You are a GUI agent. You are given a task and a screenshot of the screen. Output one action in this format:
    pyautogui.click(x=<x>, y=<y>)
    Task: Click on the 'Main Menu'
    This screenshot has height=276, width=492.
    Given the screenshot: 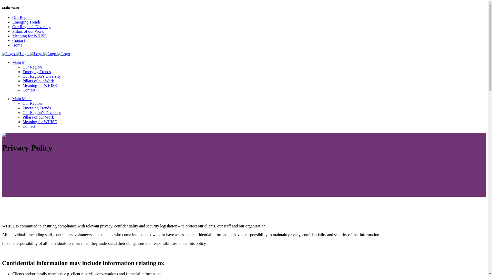 What is the action you would take?
    pyautogui.click(x=22, y=62)
    